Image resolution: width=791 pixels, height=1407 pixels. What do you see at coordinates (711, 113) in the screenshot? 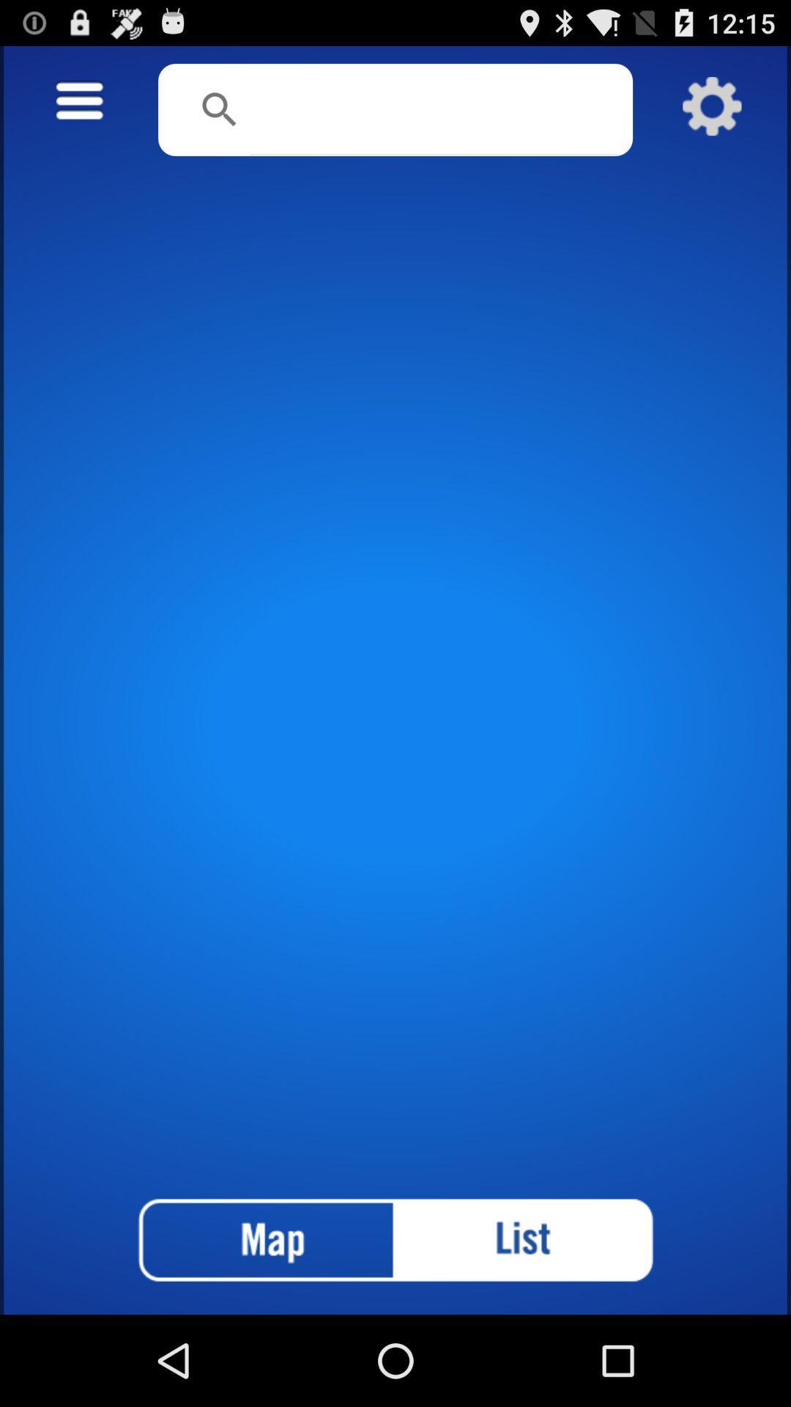
I see `the settings icon` at bounding box center [711, 113].